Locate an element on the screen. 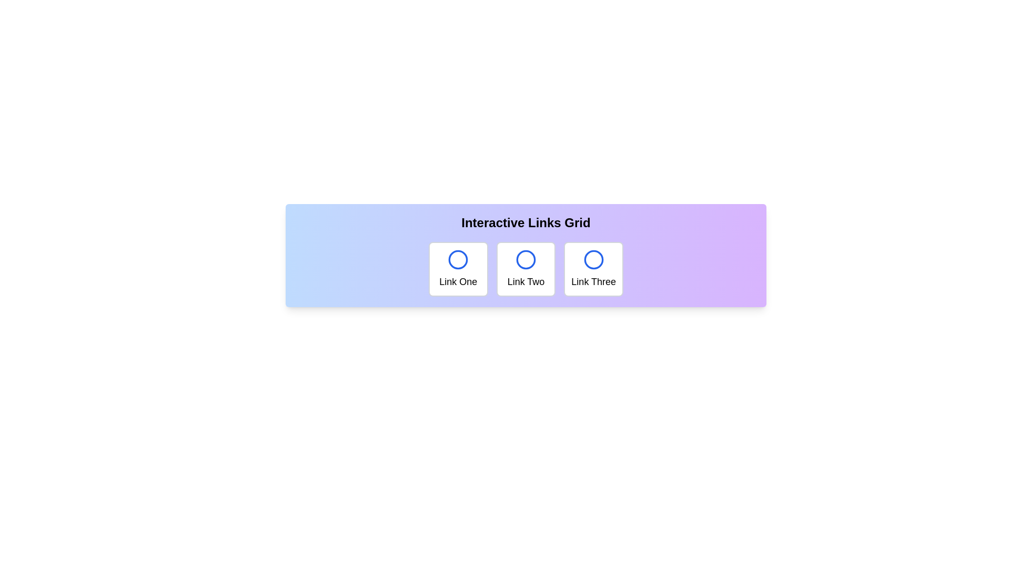 This screenshot has width=1010, height=568. the interactive link button labeled 'Link Two' is located at coordinates (526, 256).